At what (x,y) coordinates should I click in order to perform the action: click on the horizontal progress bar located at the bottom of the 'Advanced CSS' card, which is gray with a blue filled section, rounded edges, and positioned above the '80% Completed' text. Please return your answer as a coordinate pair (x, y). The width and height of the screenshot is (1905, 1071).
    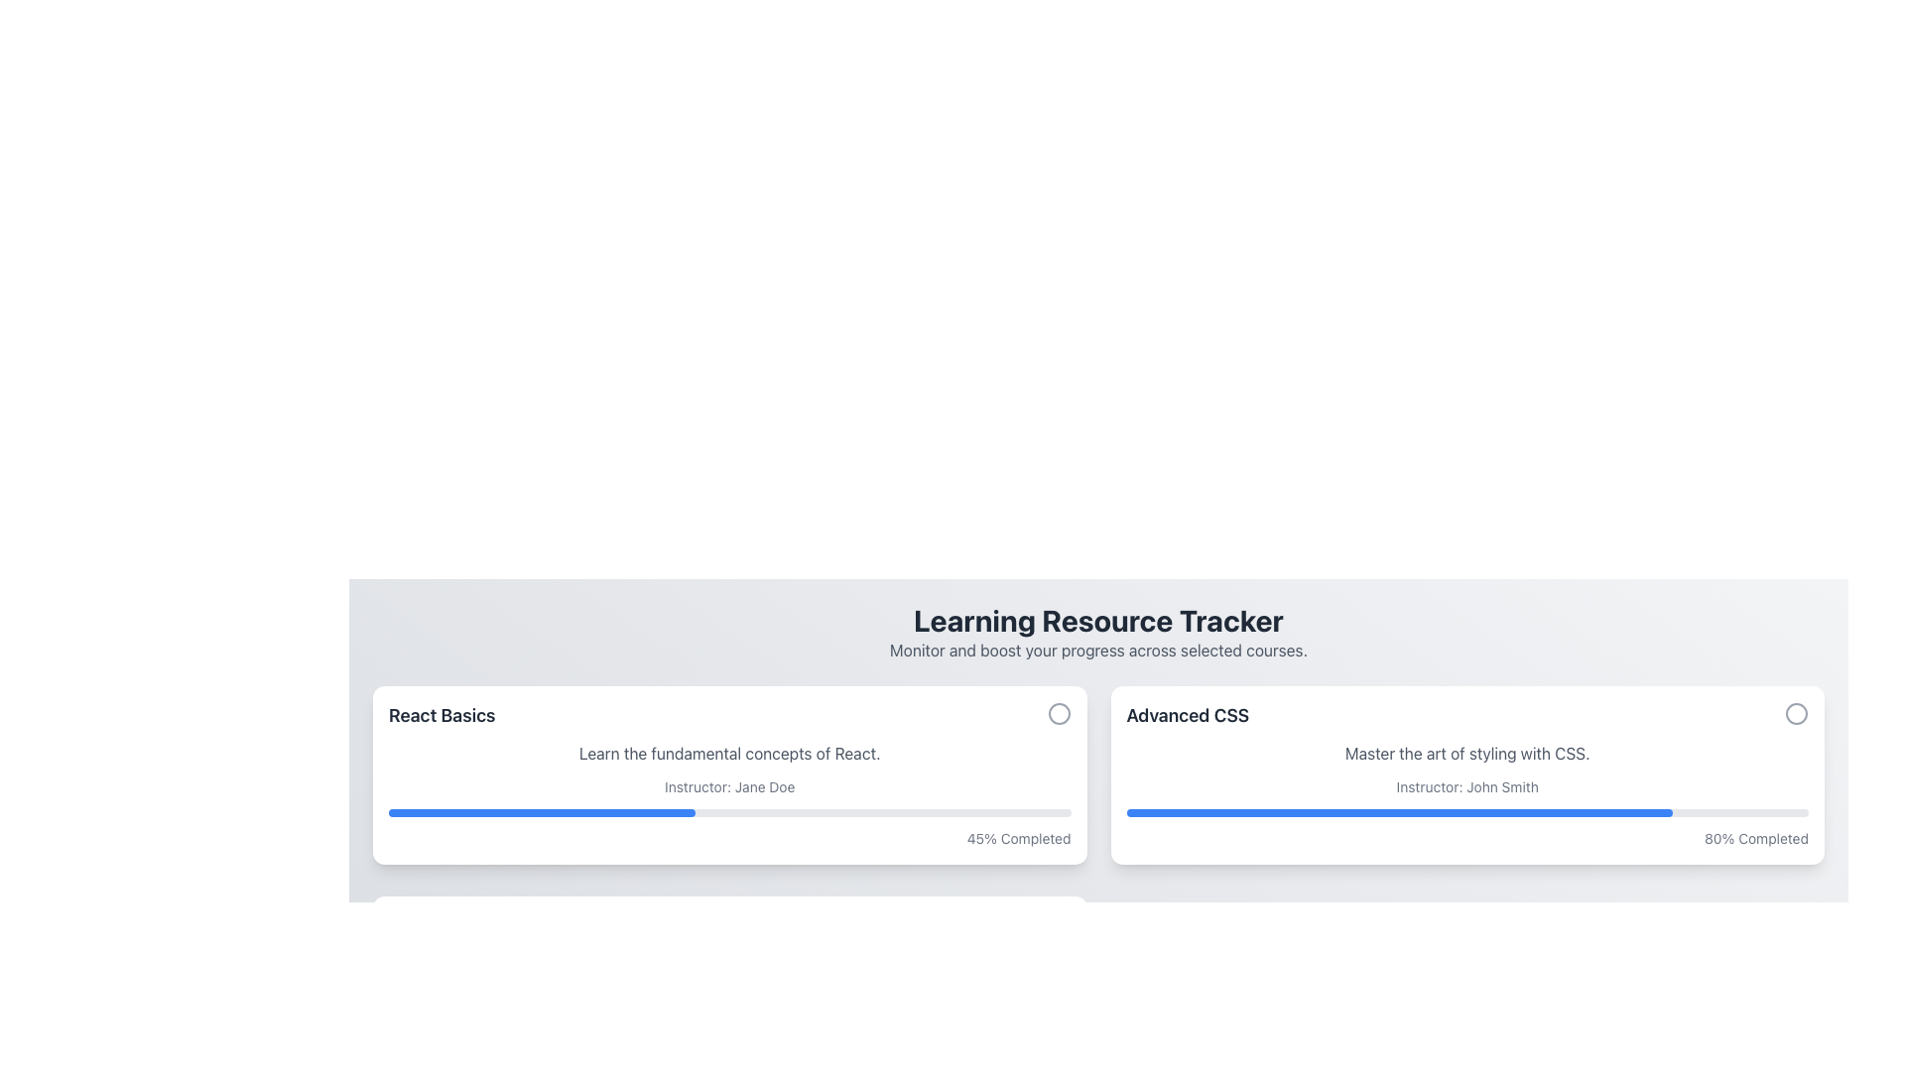
    Looking at the image, I should click on (1467, 813).